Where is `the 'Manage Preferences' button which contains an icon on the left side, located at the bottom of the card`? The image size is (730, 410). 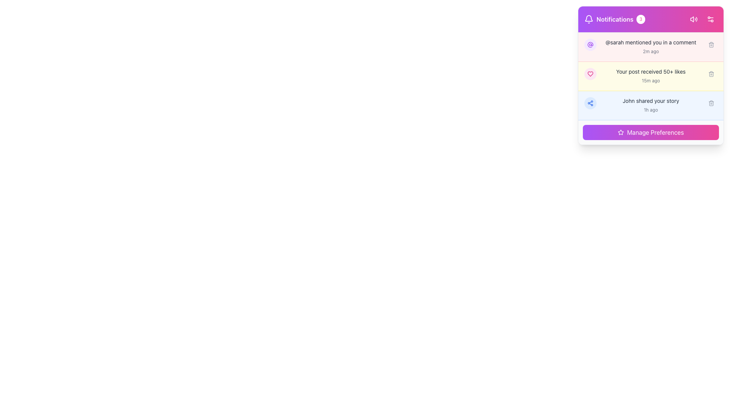
the 'Manage Preferences' button which contains an icon on the left side, located at the bottom of the card is located at coordinates (621, 132).